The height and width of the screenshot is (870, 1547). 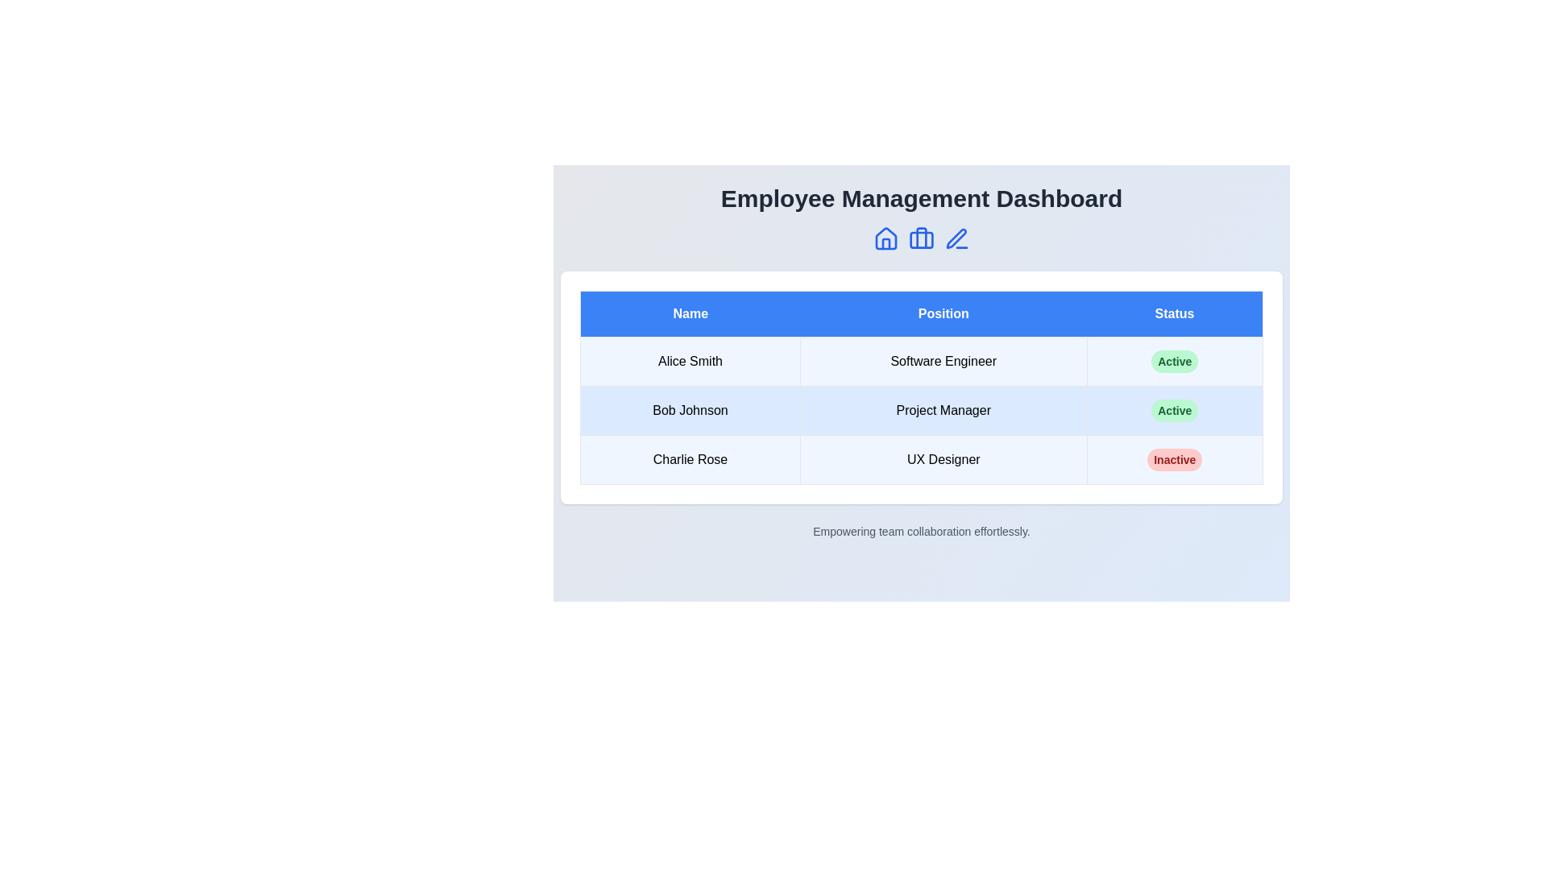 I want to click on the 'Status' label, which is a textual component displaying 'Status' in white font on a blue background, positioned between the 'Position' label and the statuses column in the employee management dashboard, so click(x=1175, y=313).